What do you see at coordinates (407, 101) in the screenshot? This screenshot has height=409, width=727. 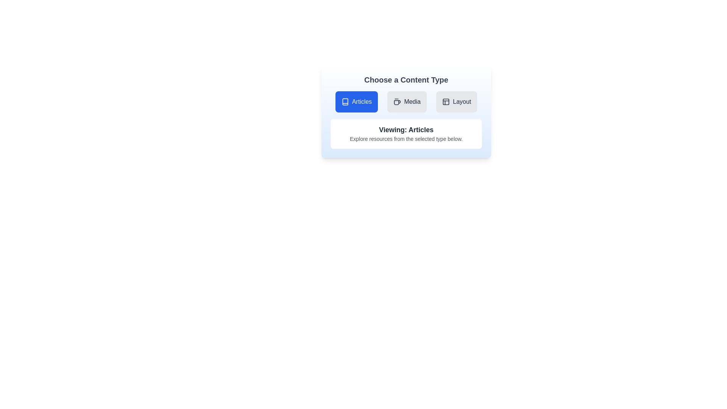 I see `the 'Media' button, which is a rectangular button with a light gray background, dark gray text, and an icon of a steaming cup` at bounding box center [407, 101].